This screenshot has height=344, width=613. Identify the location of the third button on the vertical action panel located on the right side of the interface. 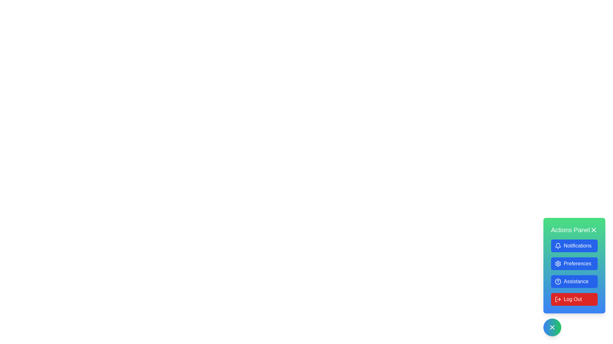
(574, 281).